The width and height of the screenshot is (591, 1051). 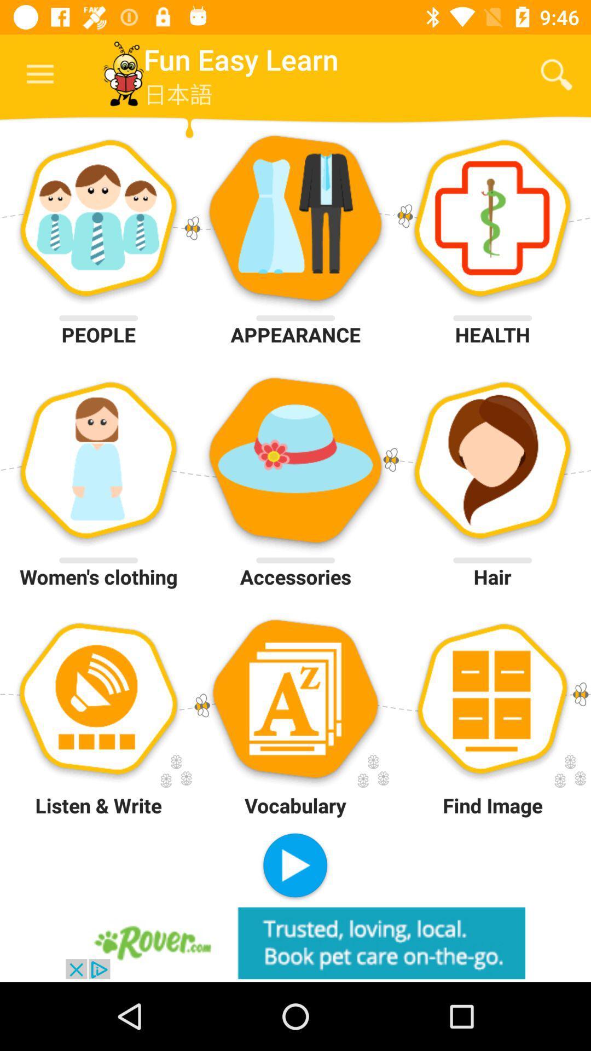 I want to click on selected topic, so click(x=294, y=866).